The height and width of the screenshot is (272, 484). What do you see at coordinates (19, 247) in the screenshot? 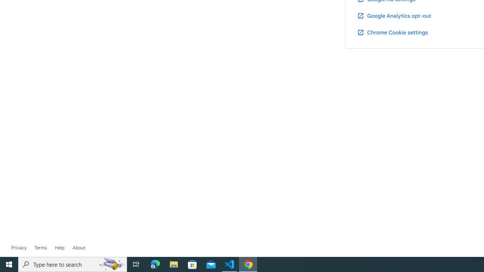
I see `'Privacy'` at bounding box center [19, 247].